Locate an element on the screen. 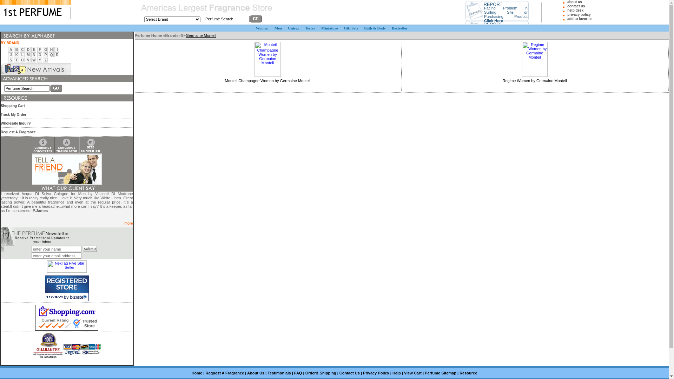 This screenshot has height=379, width=674. 'Search Brand Perfume Alphabetically' is located at coordinates (27, 35).